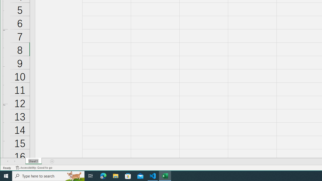  What do you see at coordinates (48, 175) in the screenshot?
I see `'Type here to search'` at bounding box center [48, 175].